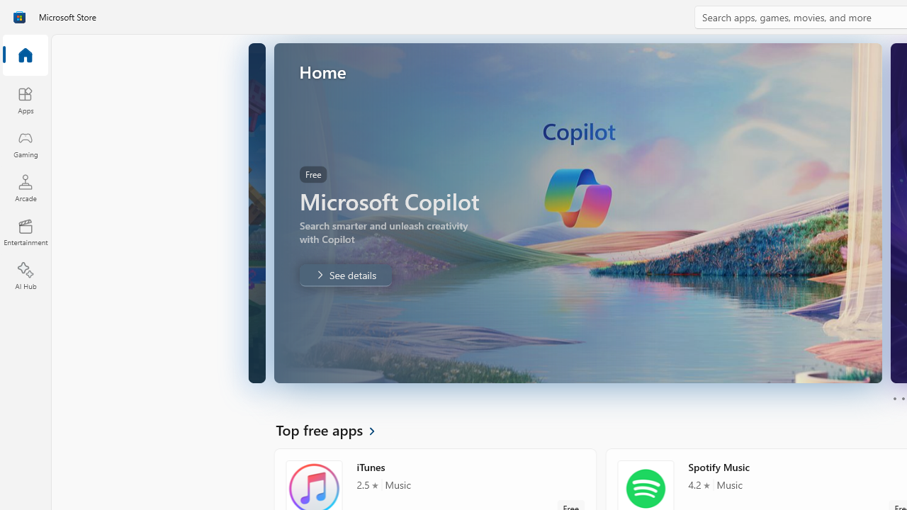 This screenshot has height=510, width=907. I want to click on 'Gaming', so click(25, 144).